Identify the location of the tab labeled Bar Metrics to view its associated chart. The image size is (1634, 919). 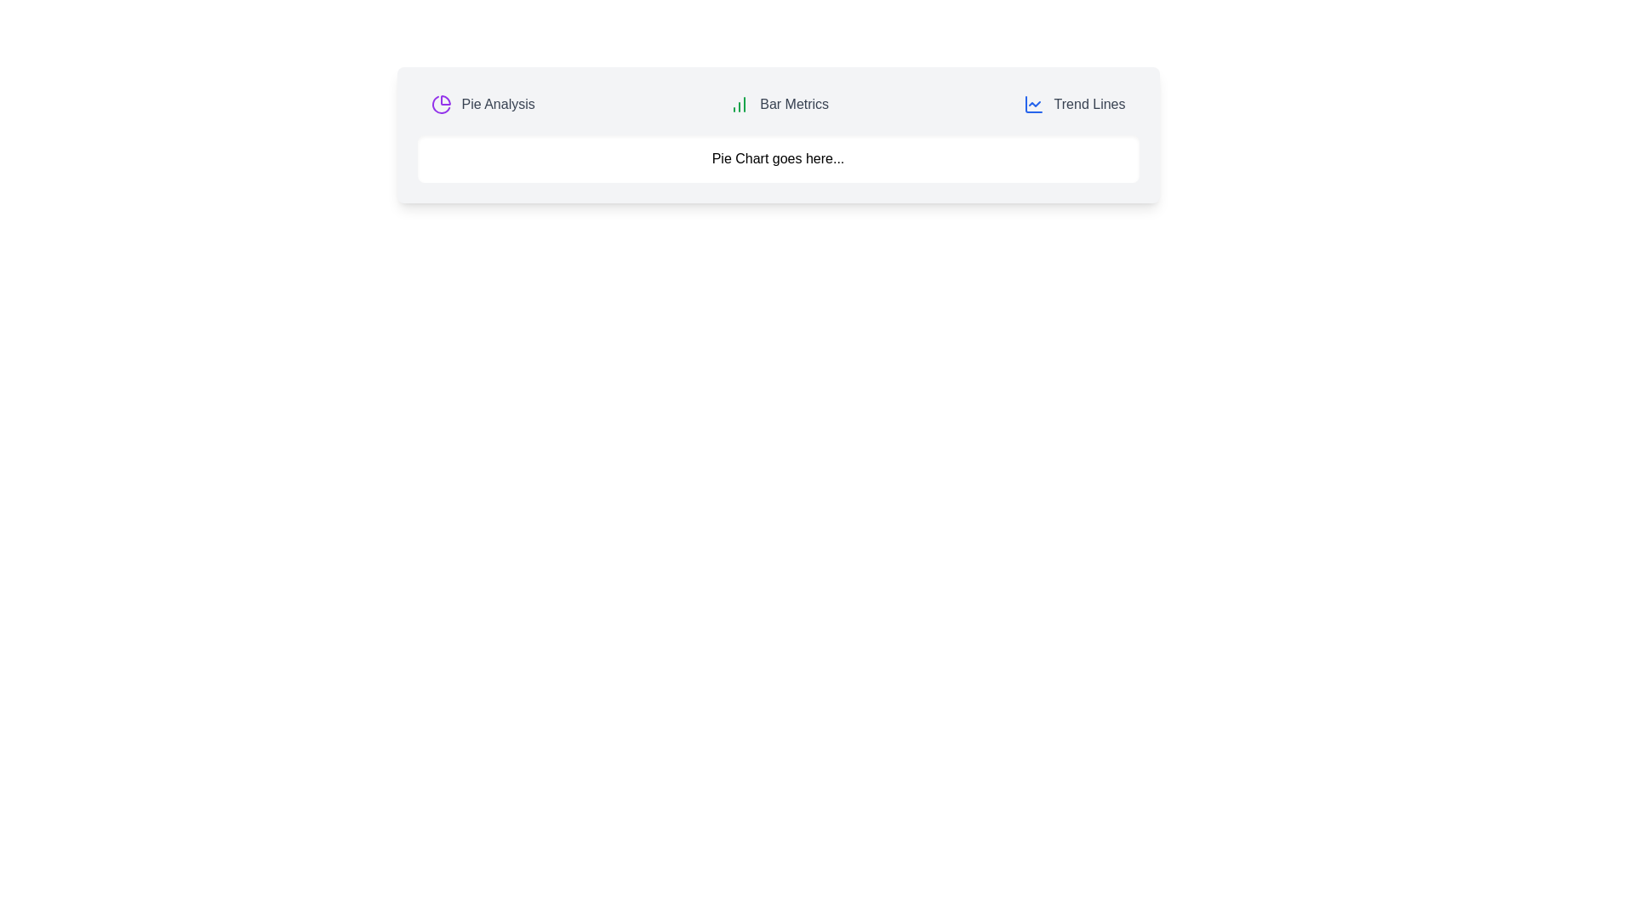
(778, 105).